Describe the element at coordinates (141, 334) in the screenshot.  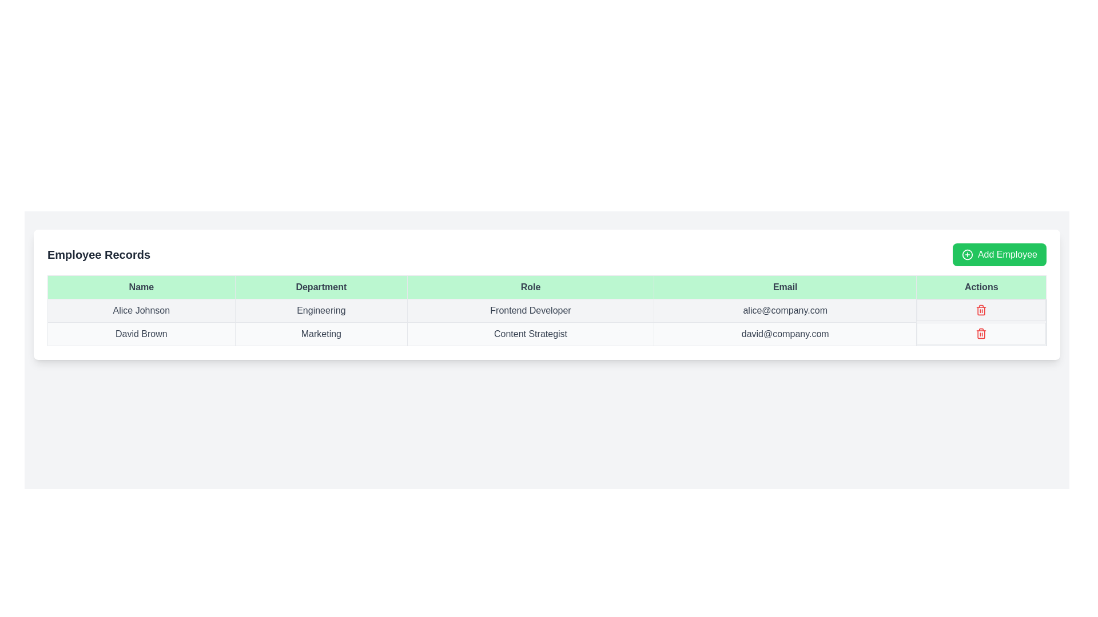
I see `the text label displaying 'David Brown' in the first column of the second row of the table` at that location.